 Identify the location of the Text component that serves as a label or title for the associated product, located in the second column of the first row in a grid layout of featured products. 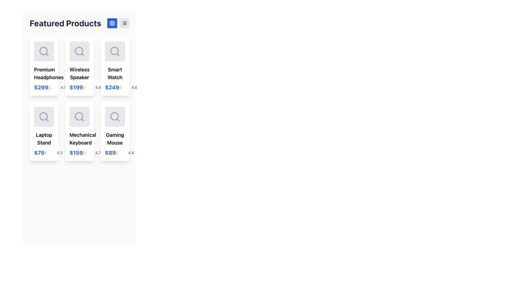
(79, 73).